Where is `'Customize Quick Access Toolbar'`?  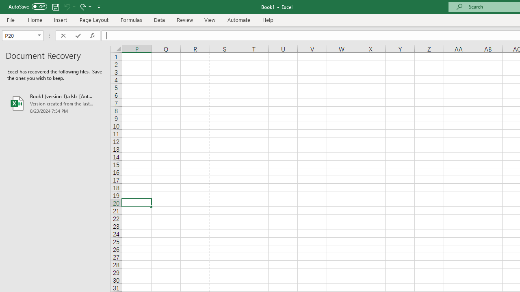 'Customize Quick Access Toolbar' is located at coordinates (99, 6).